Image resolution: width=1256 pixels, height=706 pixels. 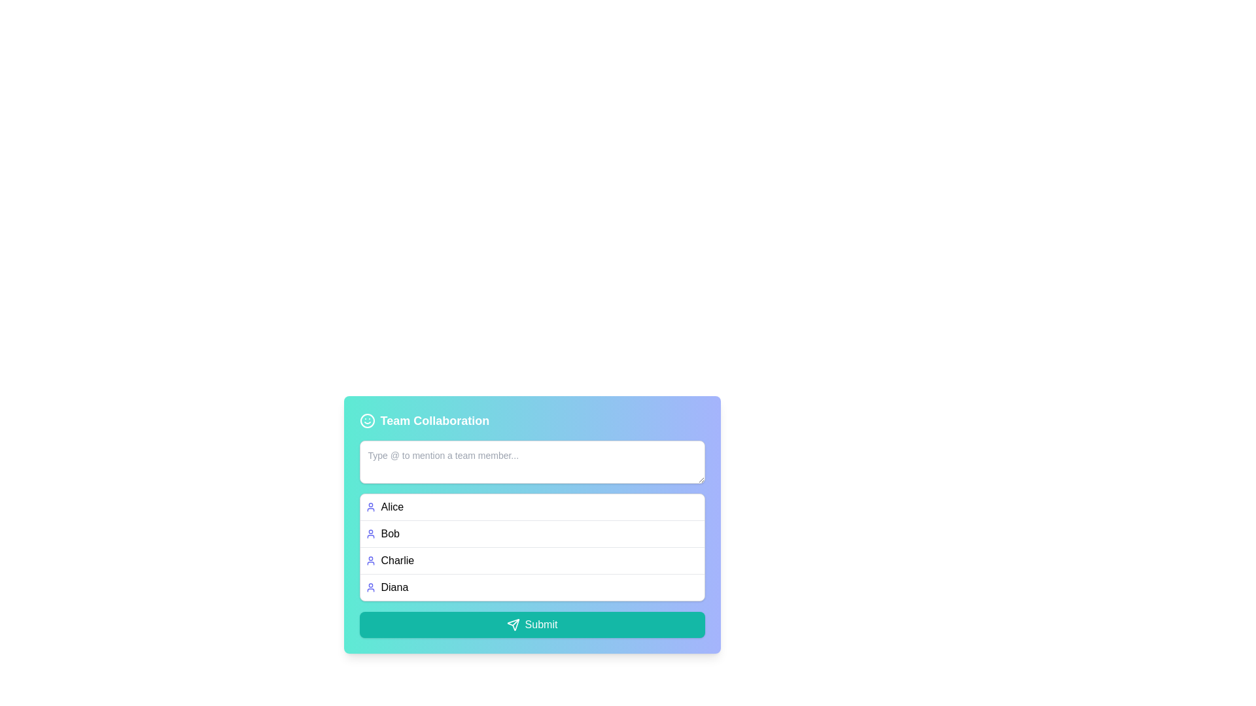 I want to click on the user icon, which is a small dark indigo minimalist outline icon representing a human figure, located immediately to the left of the text 'Diana' in the last entry of a vertical list, so click(x=370, y=586).